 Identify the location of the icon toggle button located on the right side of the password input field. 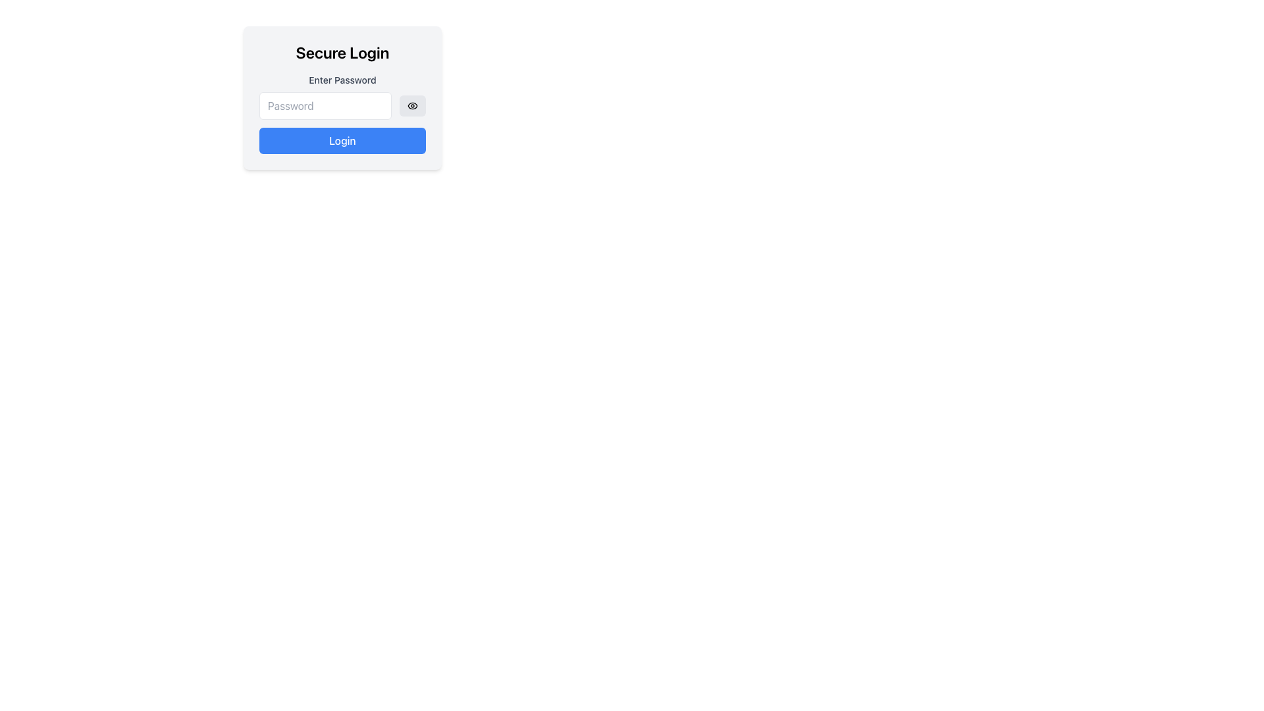
(412, 105).